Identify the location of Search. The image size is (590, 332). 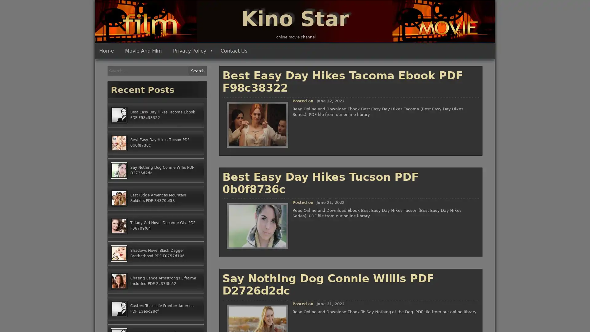
(198, 70).